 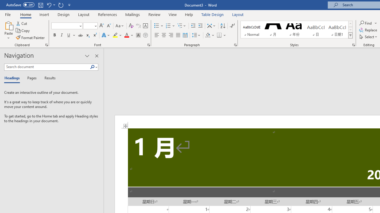 I want to click on 'Quick Access Toolbar', so click(x=39, y=5).